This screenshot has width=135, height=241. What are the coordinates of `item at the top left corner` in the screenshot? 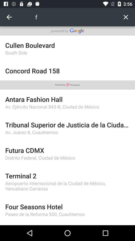 It's located at (9, 17).